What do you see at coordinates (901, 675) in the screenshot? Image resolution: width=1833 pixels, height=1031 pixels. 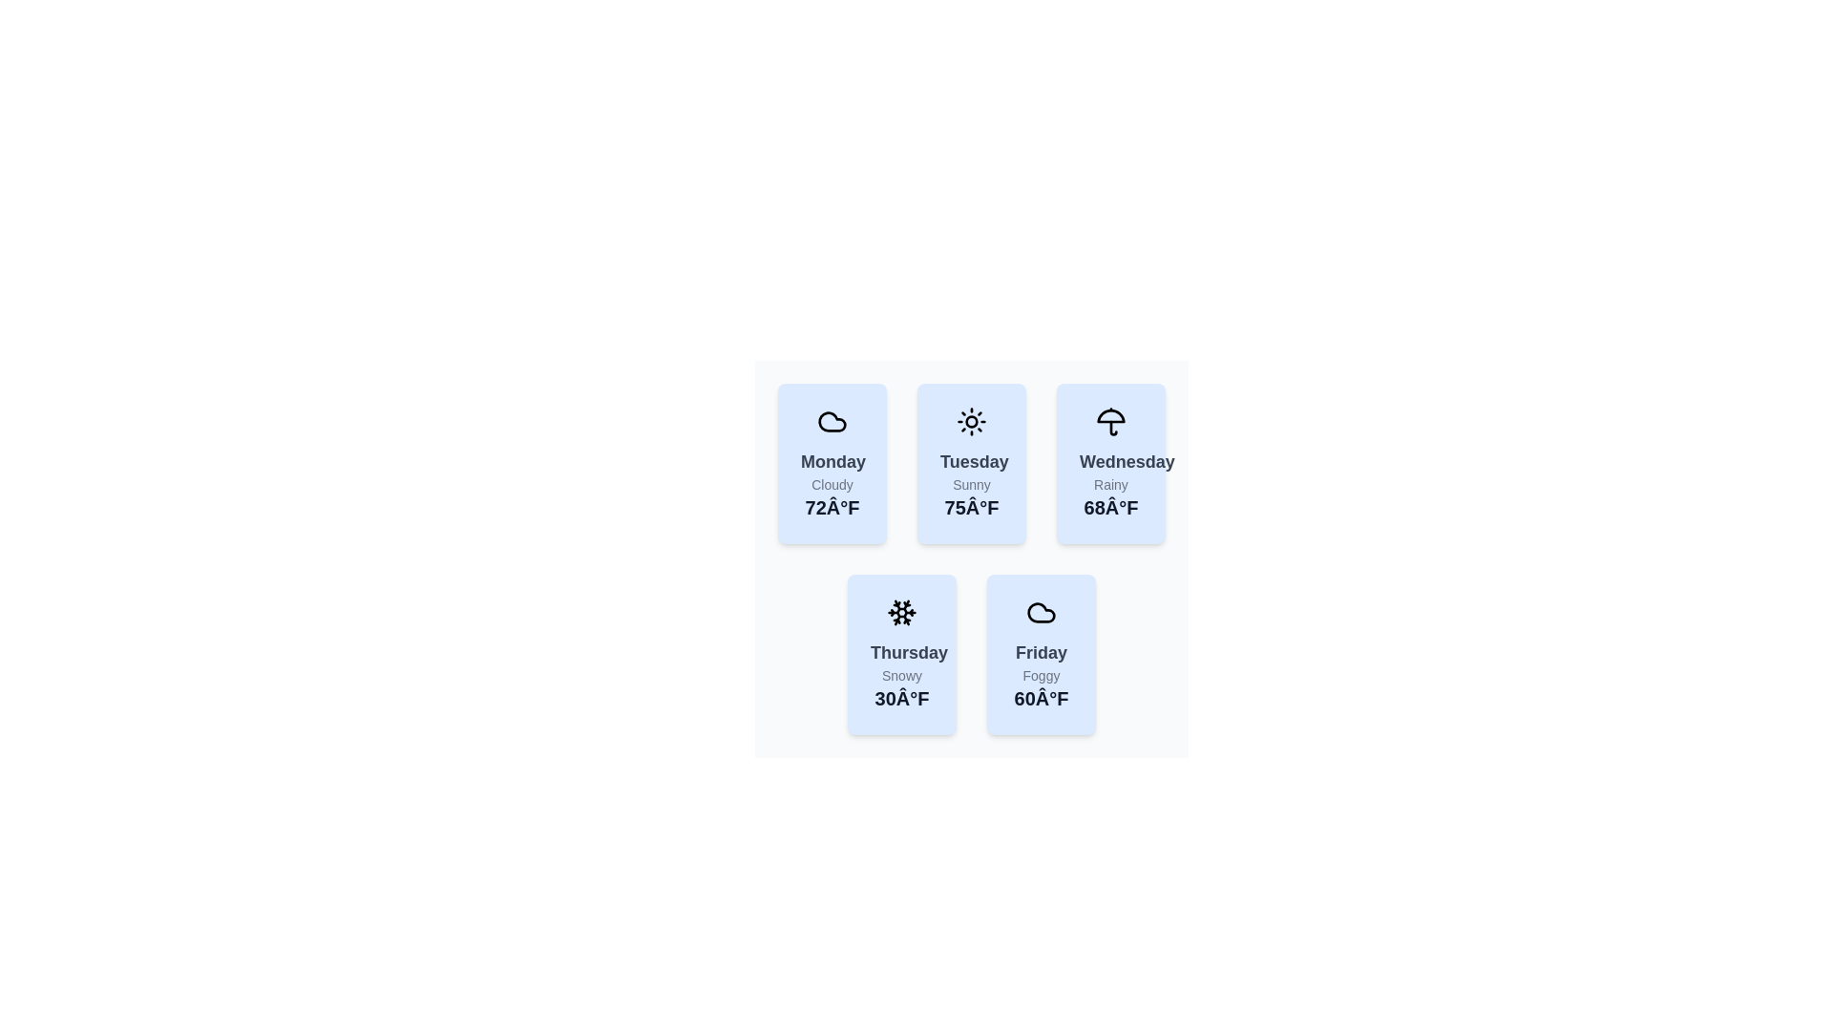 I see `text element displaying 'Snowy' which is positioned below the heading 'Thursday' and above the temperature '30°F'` at bounding box center [901, 675].